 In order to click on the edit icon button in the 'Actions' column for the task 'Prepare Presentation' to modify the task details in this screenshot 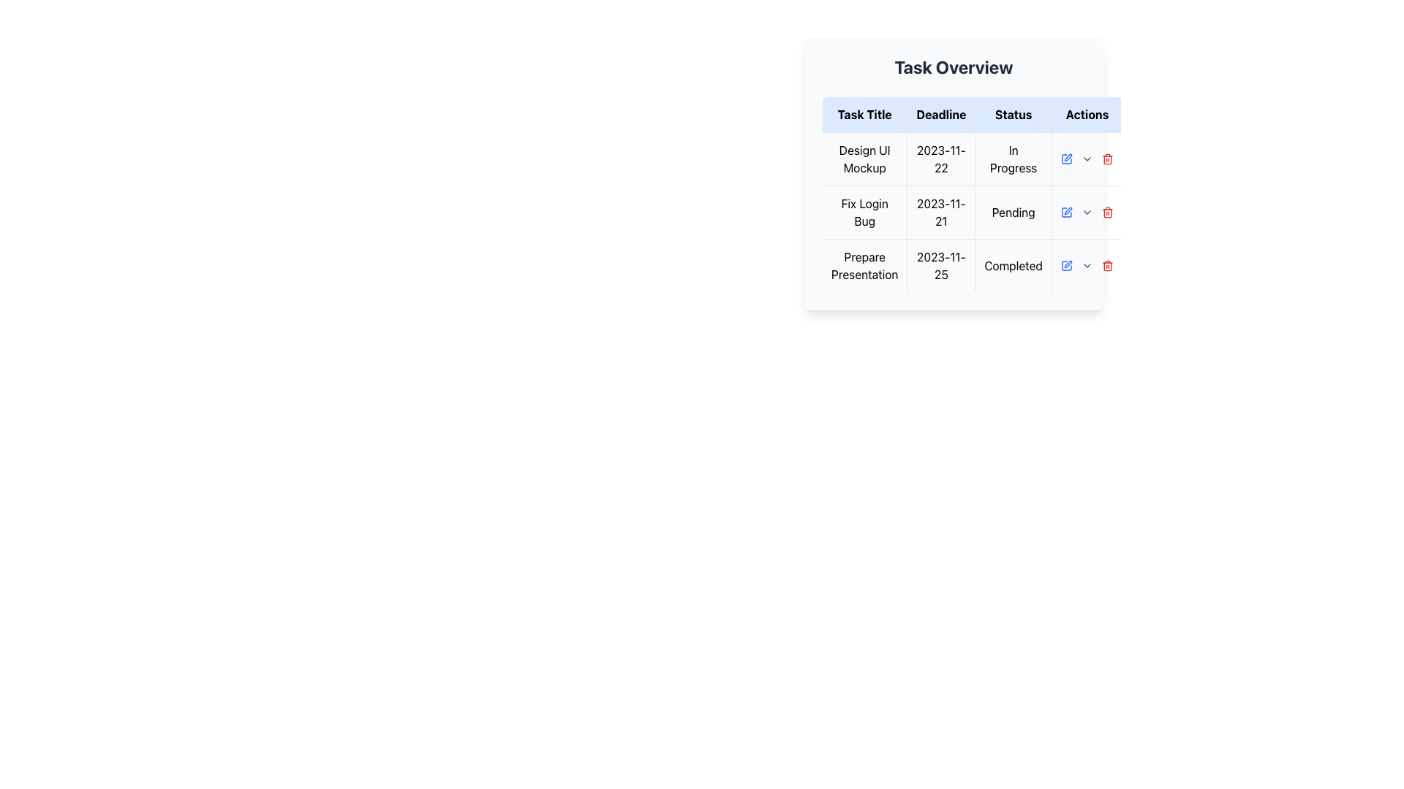, I will do `click(1067, 265)`.